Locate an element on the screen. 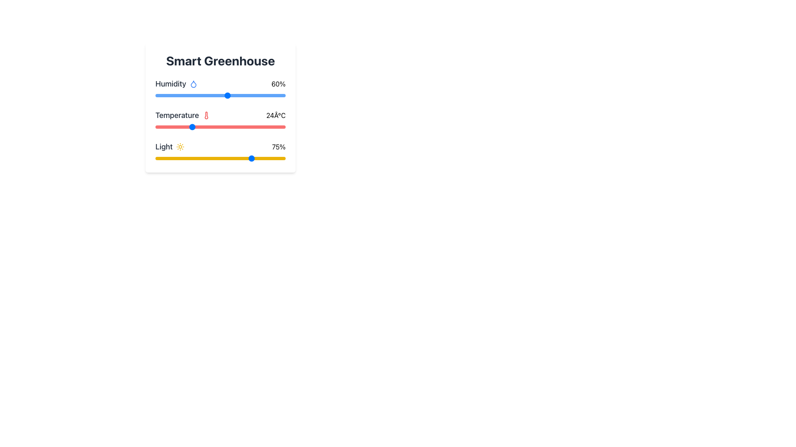 Image resolution: width=796 pixels, height=447 pixels. the temperature display element which shows the current temperature value in Celsius, located as the second indicator in a vertical layout is located at coordinates (221, 120).